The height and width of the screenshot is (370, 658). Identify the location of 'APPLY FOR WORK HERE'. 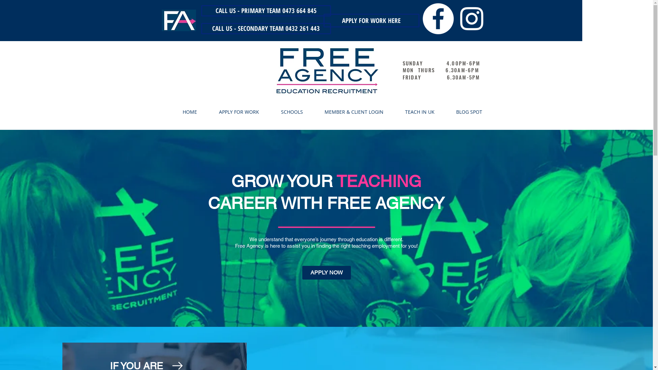
(371, 20).